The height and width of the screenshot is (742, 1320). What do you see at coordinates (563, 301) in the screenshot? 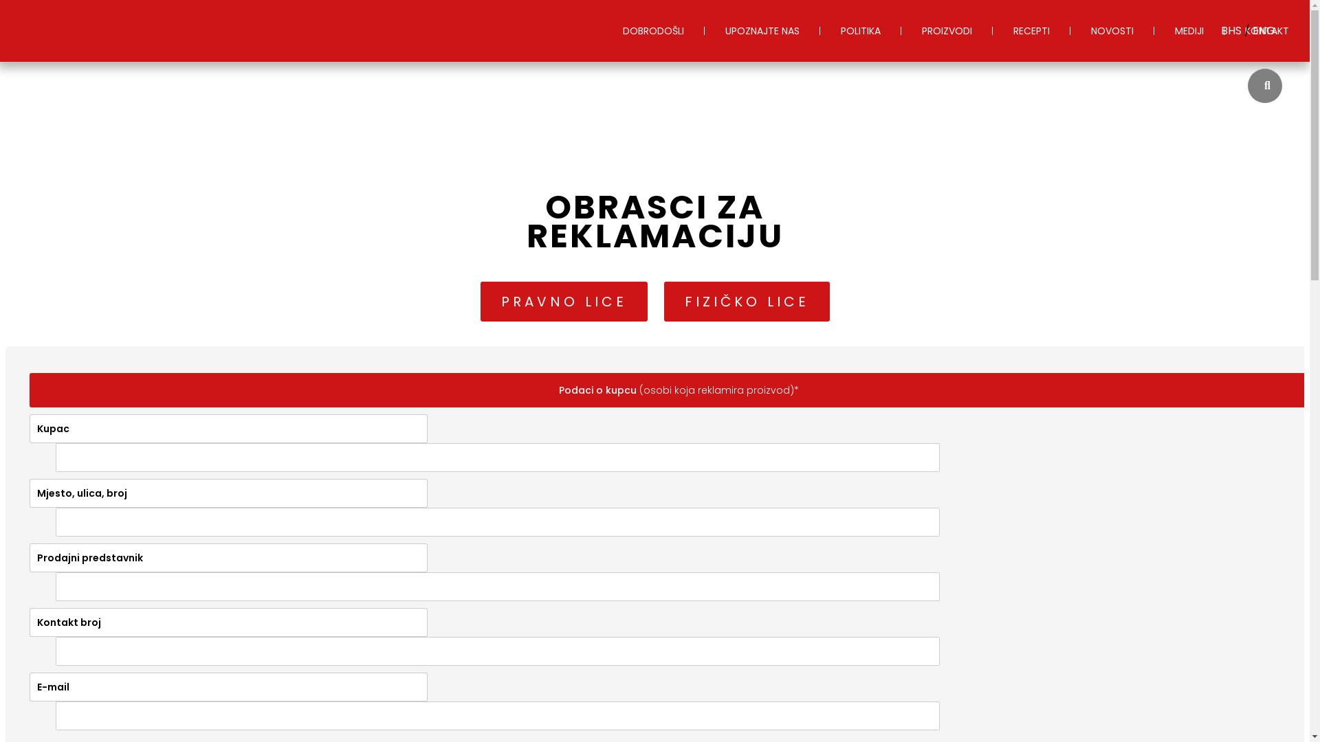
I see `'PRAVNO LICE'` at bounding box center [563, 301].